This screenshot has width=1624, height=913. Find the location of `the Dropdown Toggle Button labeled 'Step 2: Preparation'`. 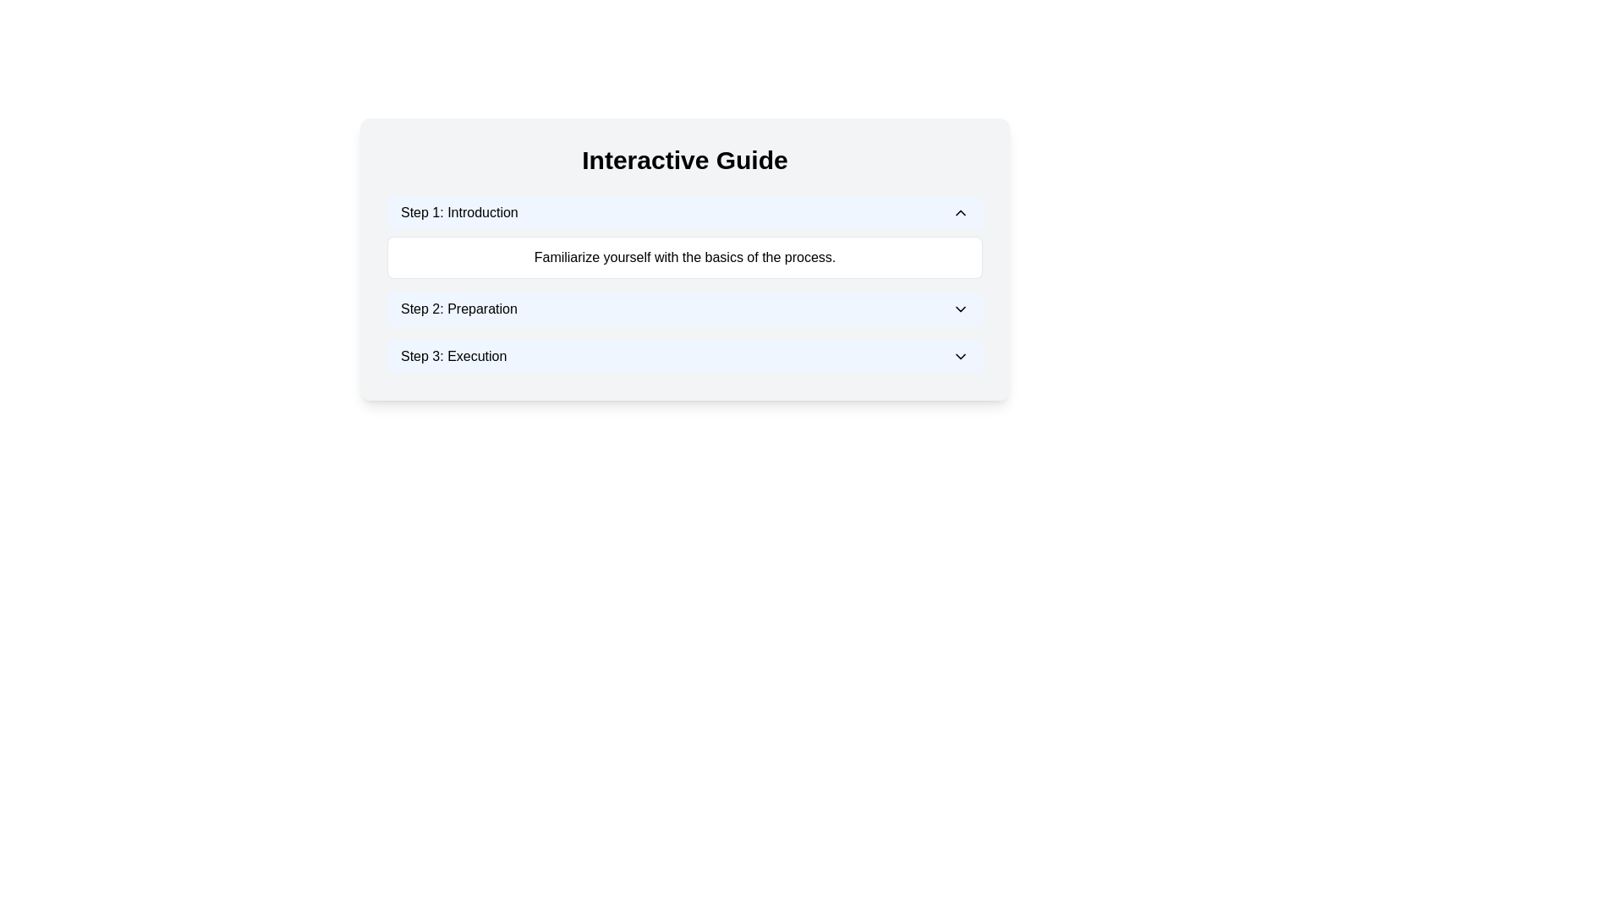

the Dropdown Toggle Button labeled 'Step 2: Preparation' is located at coordinates (685, 309).